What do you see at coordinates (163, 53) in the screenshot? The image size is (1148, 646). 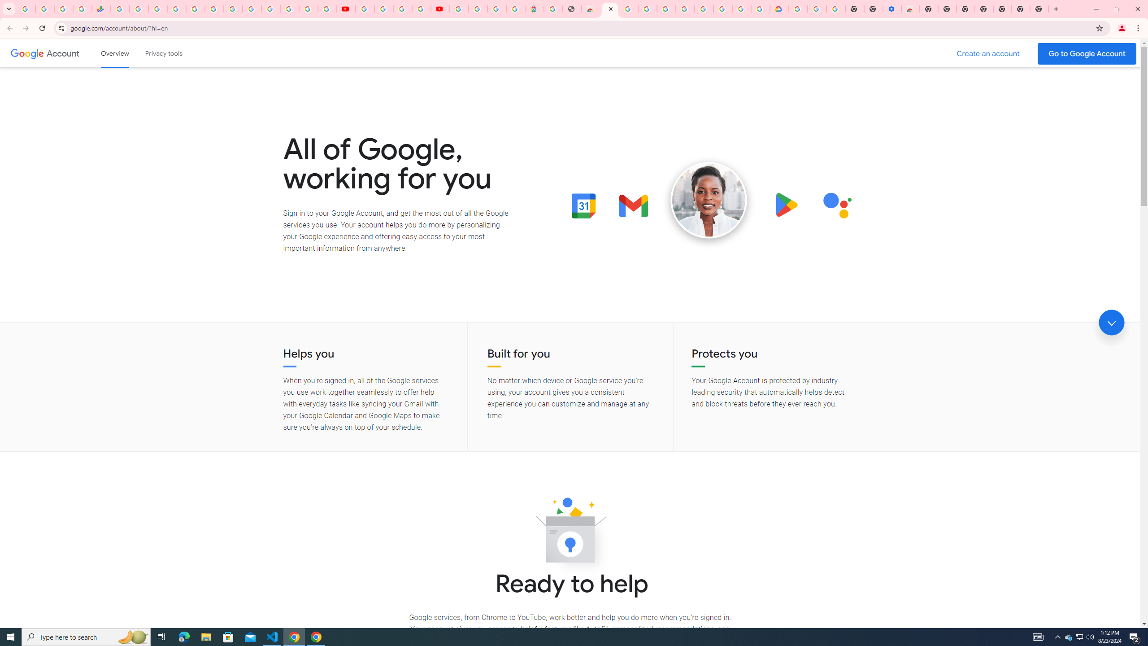 I see `'Privacy tools'` at bounding box center [163, 53].